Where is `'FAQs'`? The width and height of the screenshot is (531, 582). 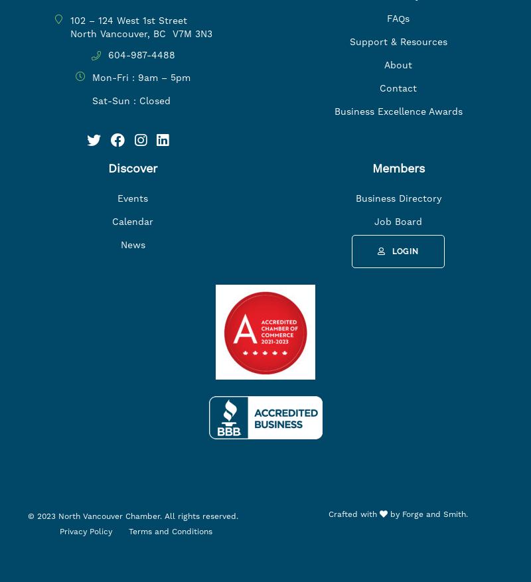 'FAQs' is located at coordinates (398, 17).